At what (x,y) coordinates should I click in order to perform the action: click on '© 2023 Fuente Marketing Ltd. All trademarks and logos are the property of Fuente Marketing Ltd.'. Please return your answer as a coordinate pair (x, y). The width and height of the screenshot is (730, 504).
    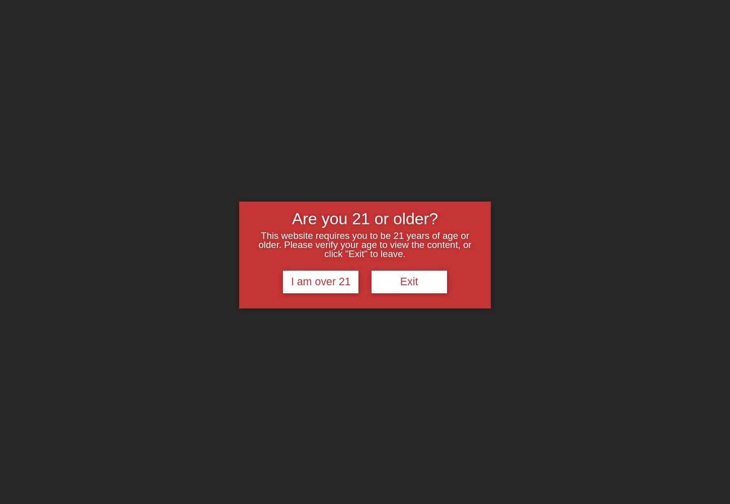
    Looking at the image, I should click on (595, 474).